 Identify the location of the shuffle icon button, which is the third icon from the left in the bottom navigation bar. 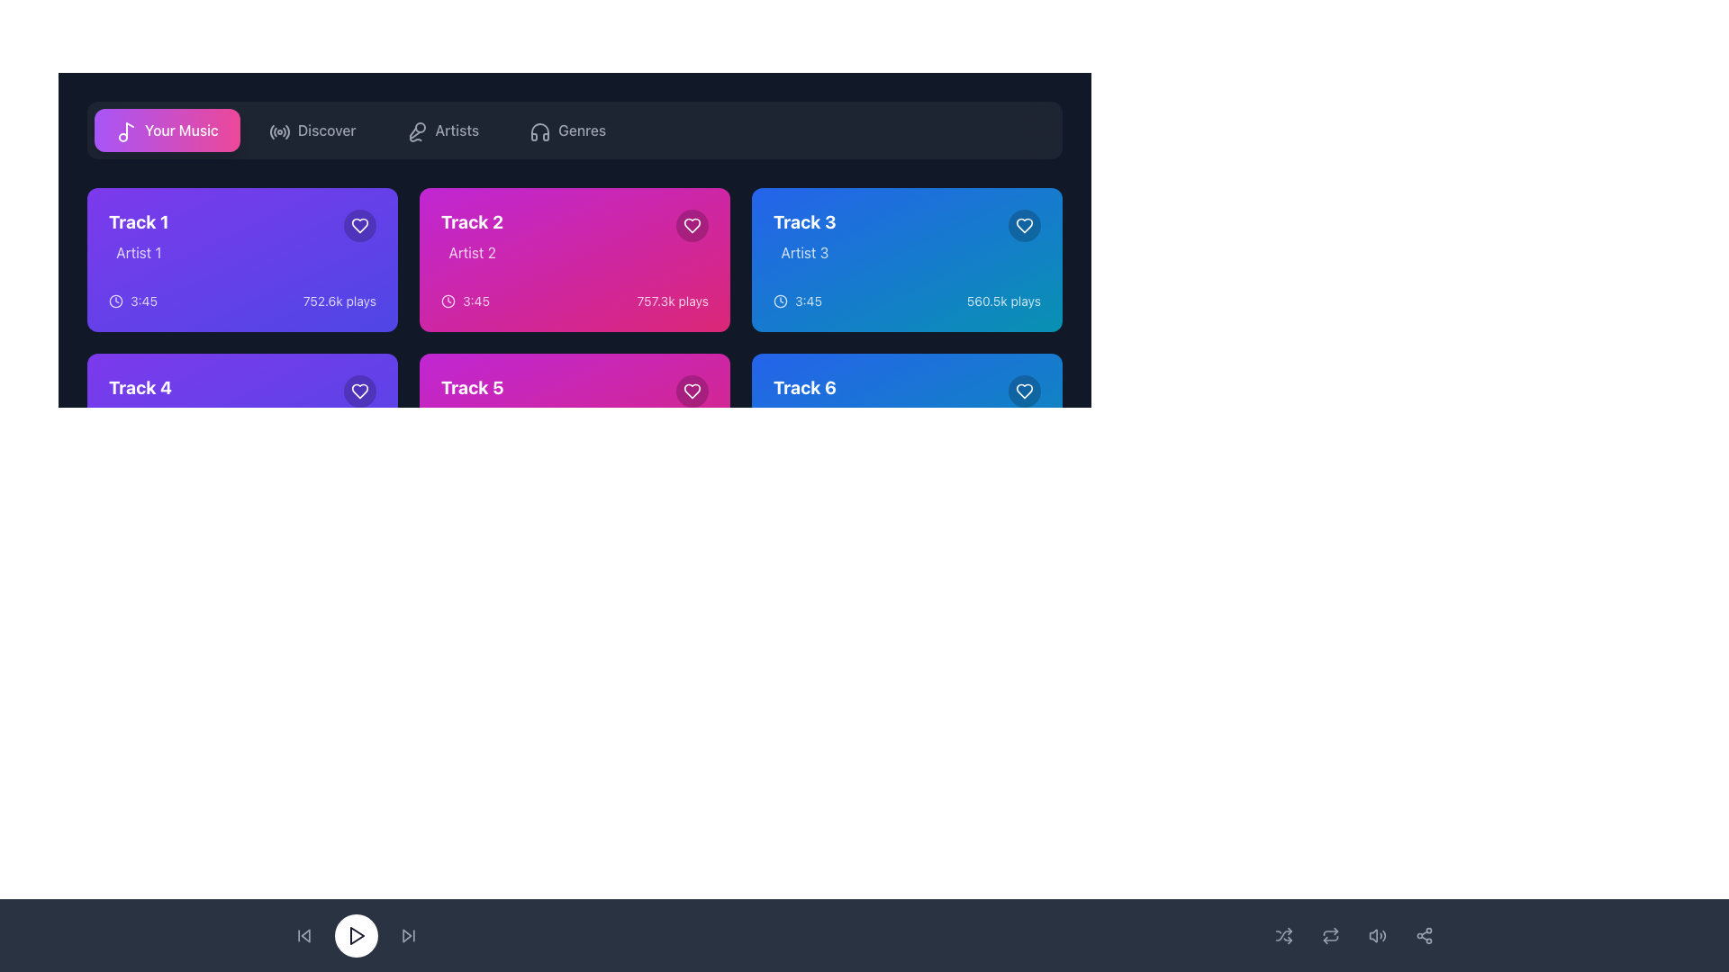
(1282, 935).